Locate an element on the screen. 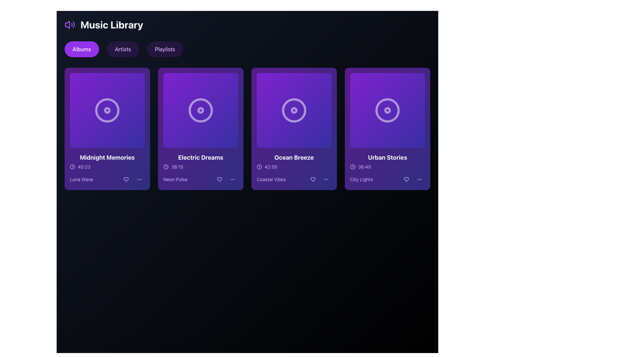  the grouped icons located in the bottom-right corner of the 'Urban Stories' card is located at coordinates (413, 179).